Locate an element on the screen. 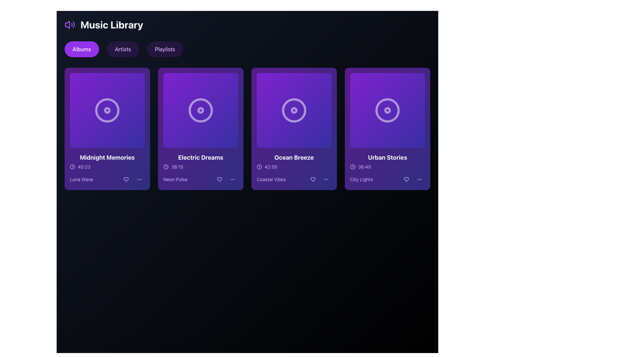  the grouped icons located in the bottom-right corner of the 'Urban Stories' card is located at coordinates (413, 179).